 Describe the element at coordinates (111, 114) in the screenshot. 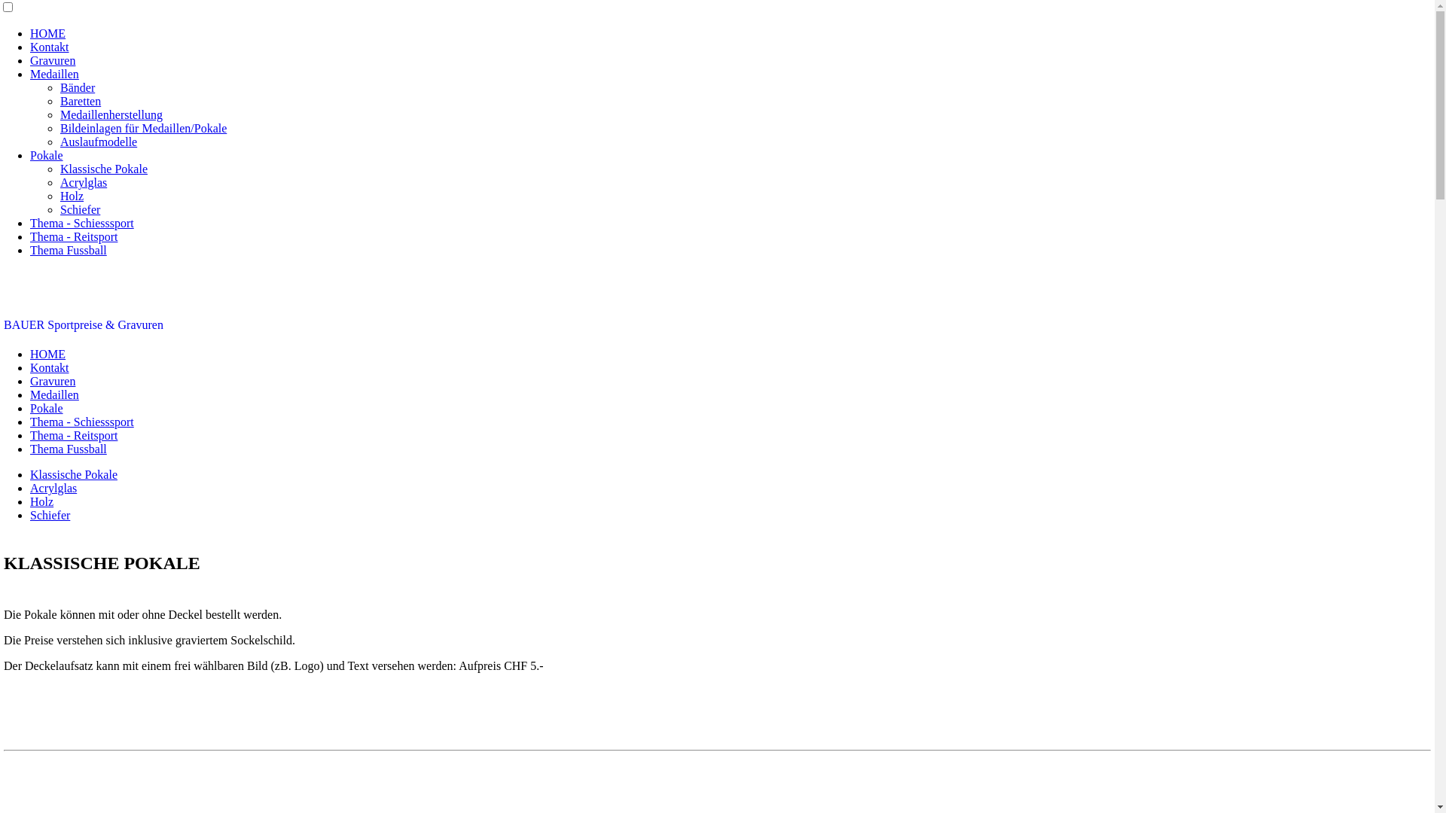

I see `'Medaillenherstellung'` at that location.